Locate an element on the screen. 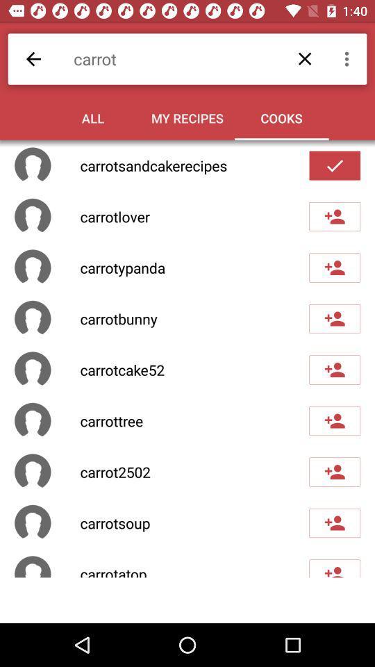 The height and width of the screenshot is (667, 375). people is located at coordinates (334, 267).